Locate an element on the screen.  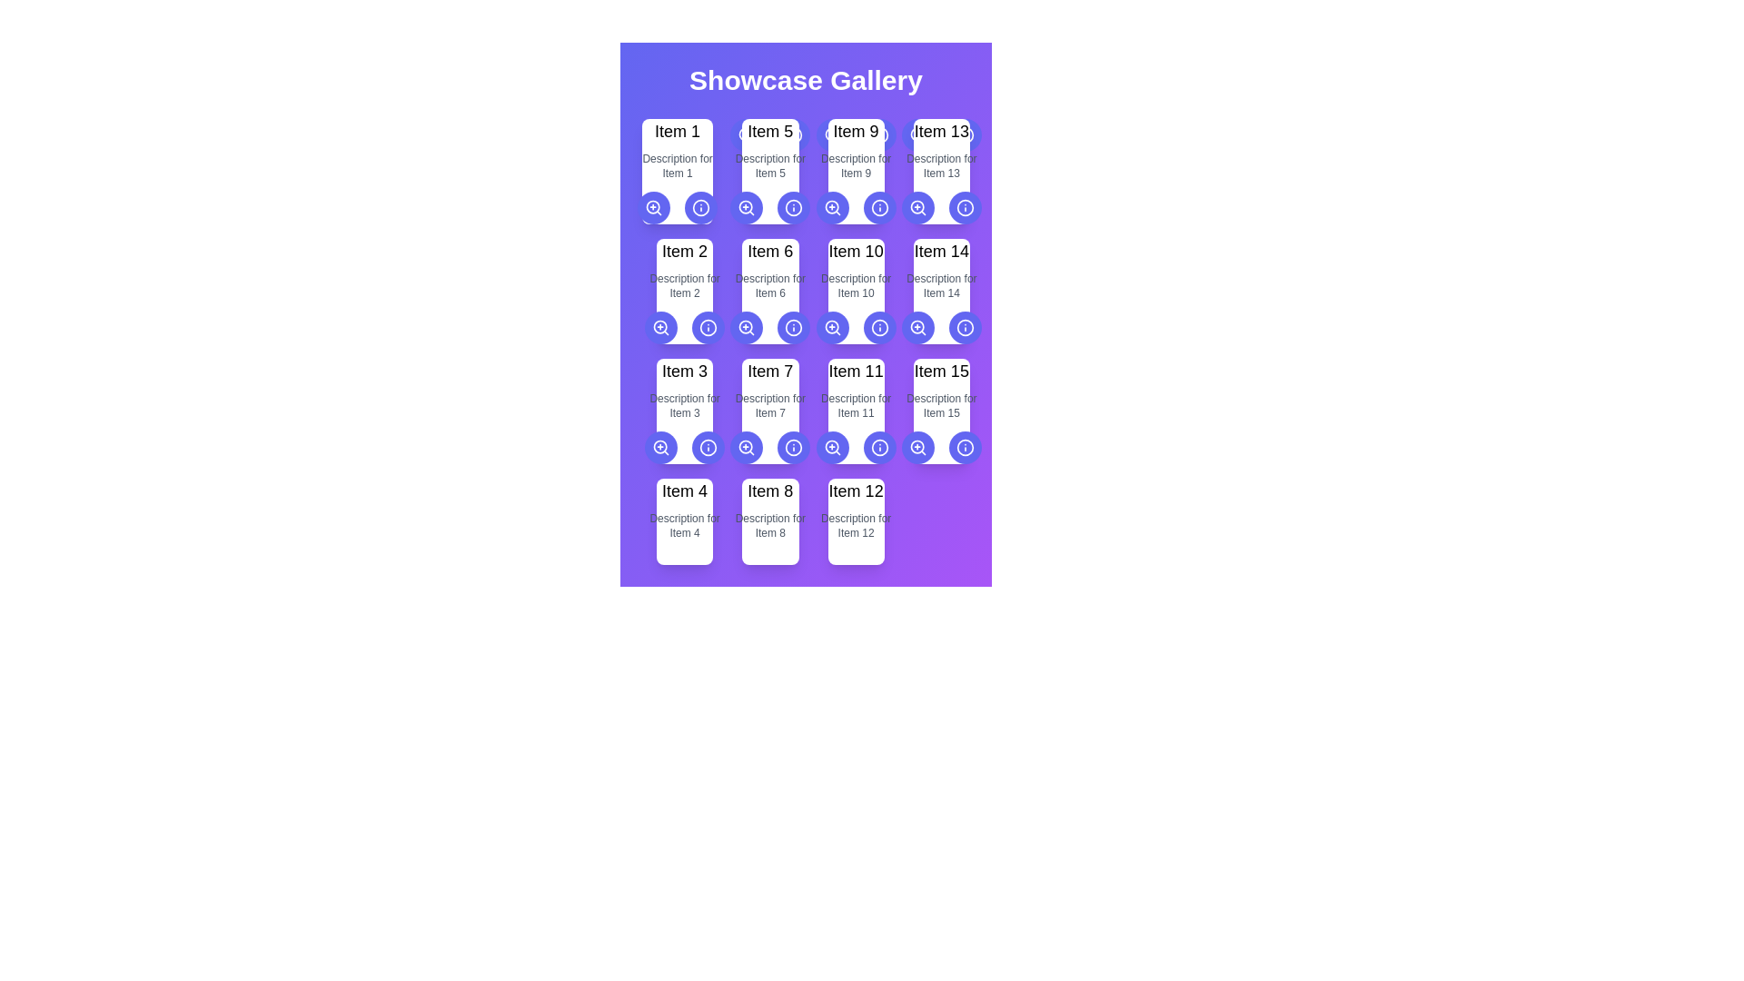
the first circle element within the zoom-in SVG graphic, located in the second card of the gallery grid layout is located at coordinates (659, 327).